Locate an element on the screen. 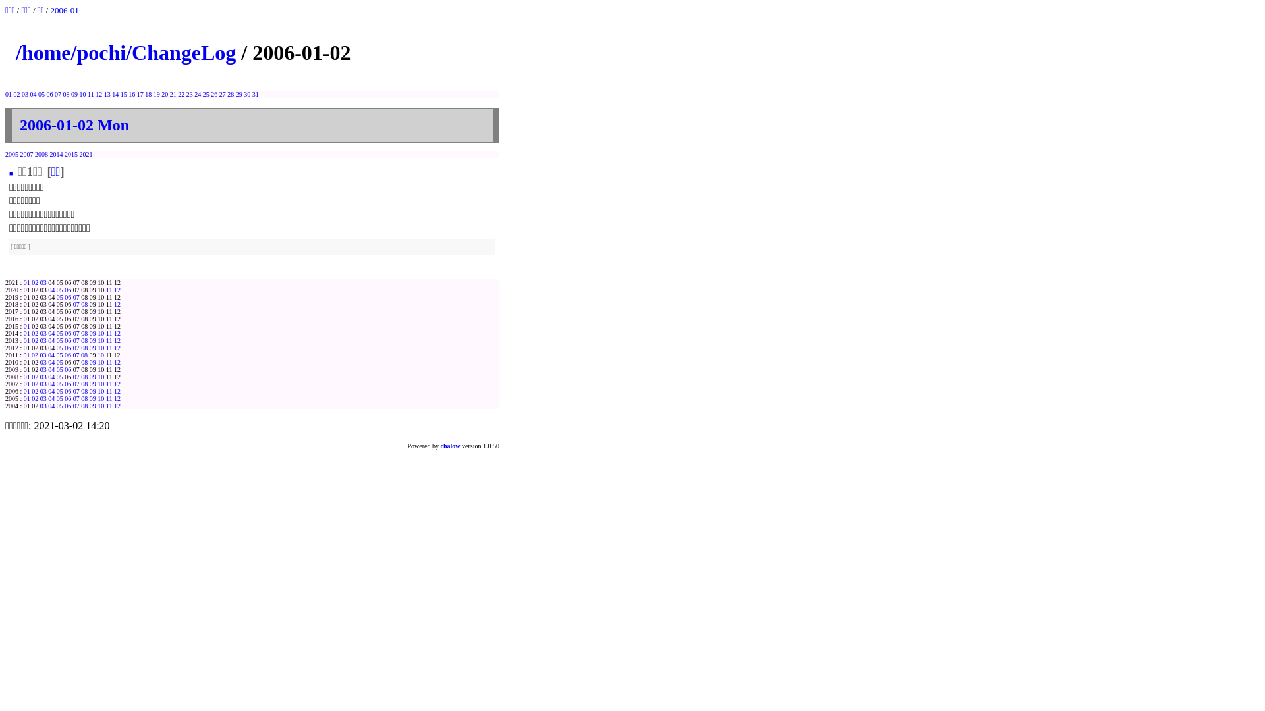 The width and height of the screenshot is (1265, 711). '08' is located at coordinates (84, 405).